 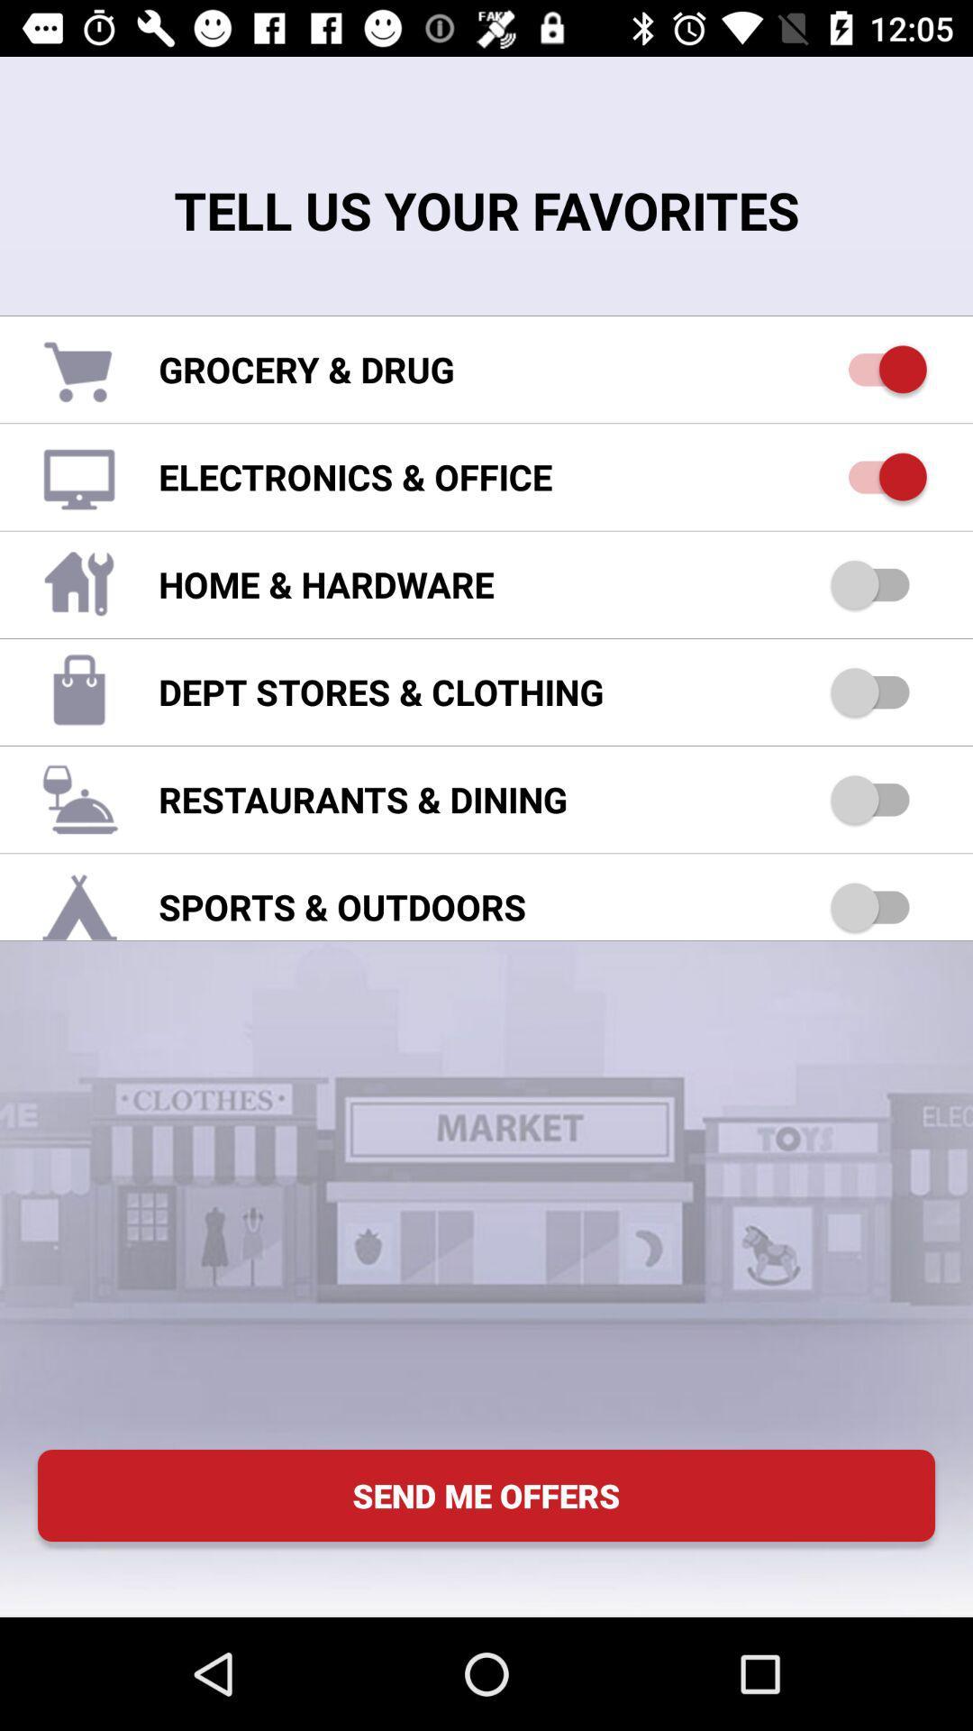 I want to click on the button is used to turn on, so click(x=878, y=584).